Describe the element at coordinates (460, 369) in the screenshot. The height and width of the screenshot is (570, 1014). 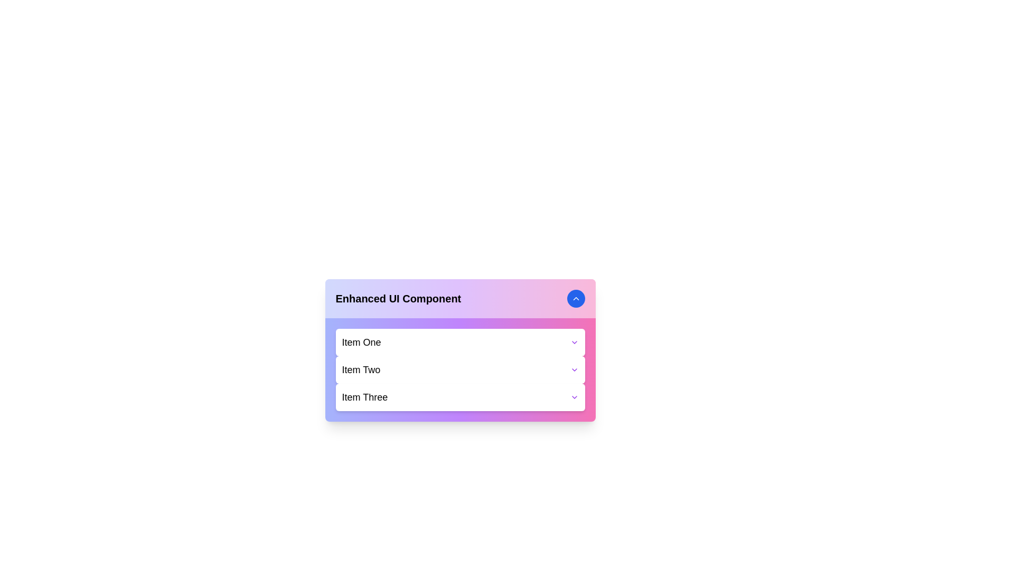
I see `the second item` at that location.